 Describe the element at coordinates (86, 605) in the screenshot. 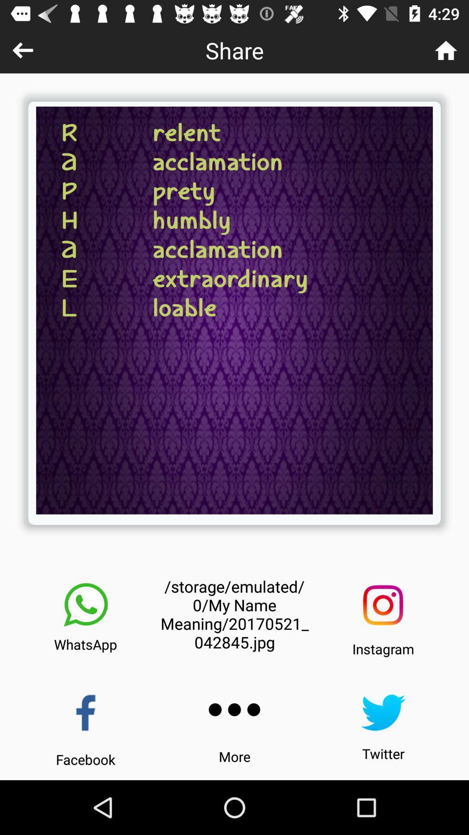

I see `share to whatsapp` at that location.